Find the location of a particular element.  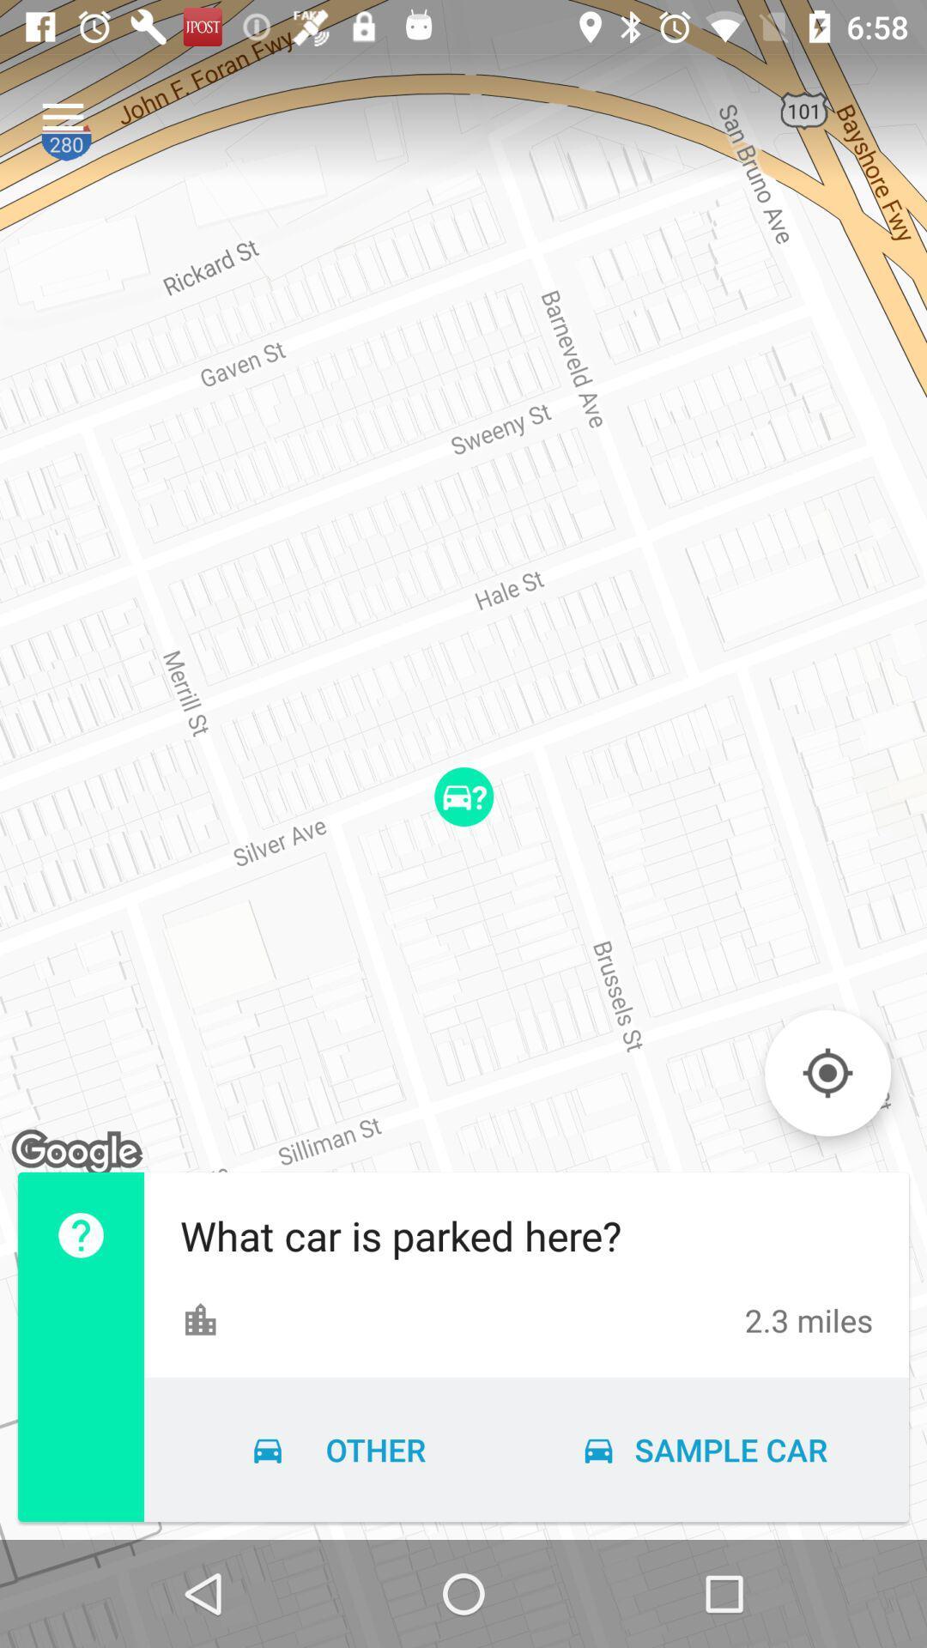

realign map is located at coordinates (827, 1072).